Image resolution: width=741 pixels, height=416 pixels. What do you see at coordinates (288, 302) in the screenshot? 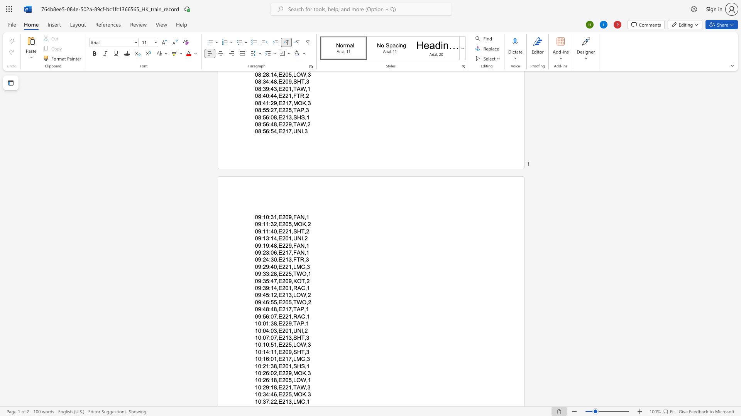
I see `the subset text "5," within the text "09:46:55,E205,TWO,2"` at bounding box center [288, 302].